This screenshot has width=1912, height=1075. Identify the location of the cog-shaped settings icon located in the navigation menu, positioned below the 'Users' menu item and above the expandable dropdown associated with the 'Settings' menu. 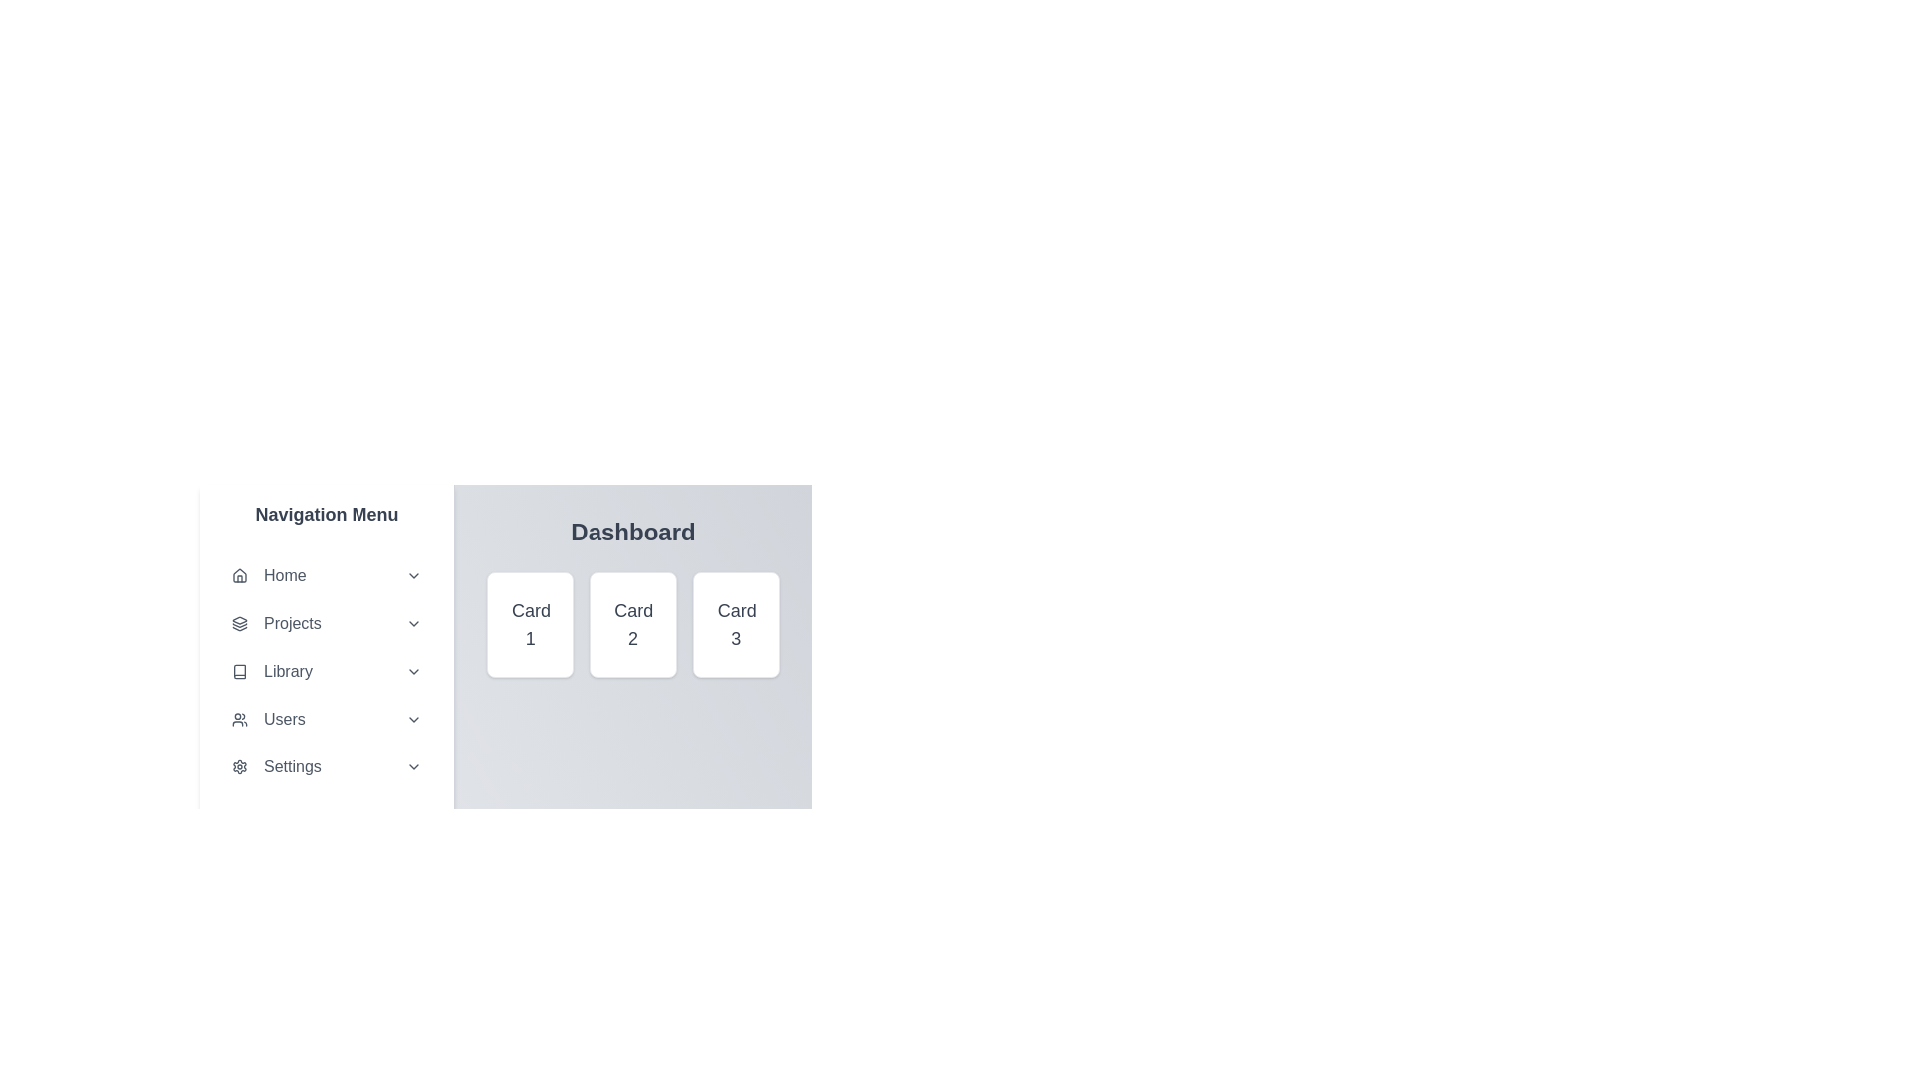
(239, 766).